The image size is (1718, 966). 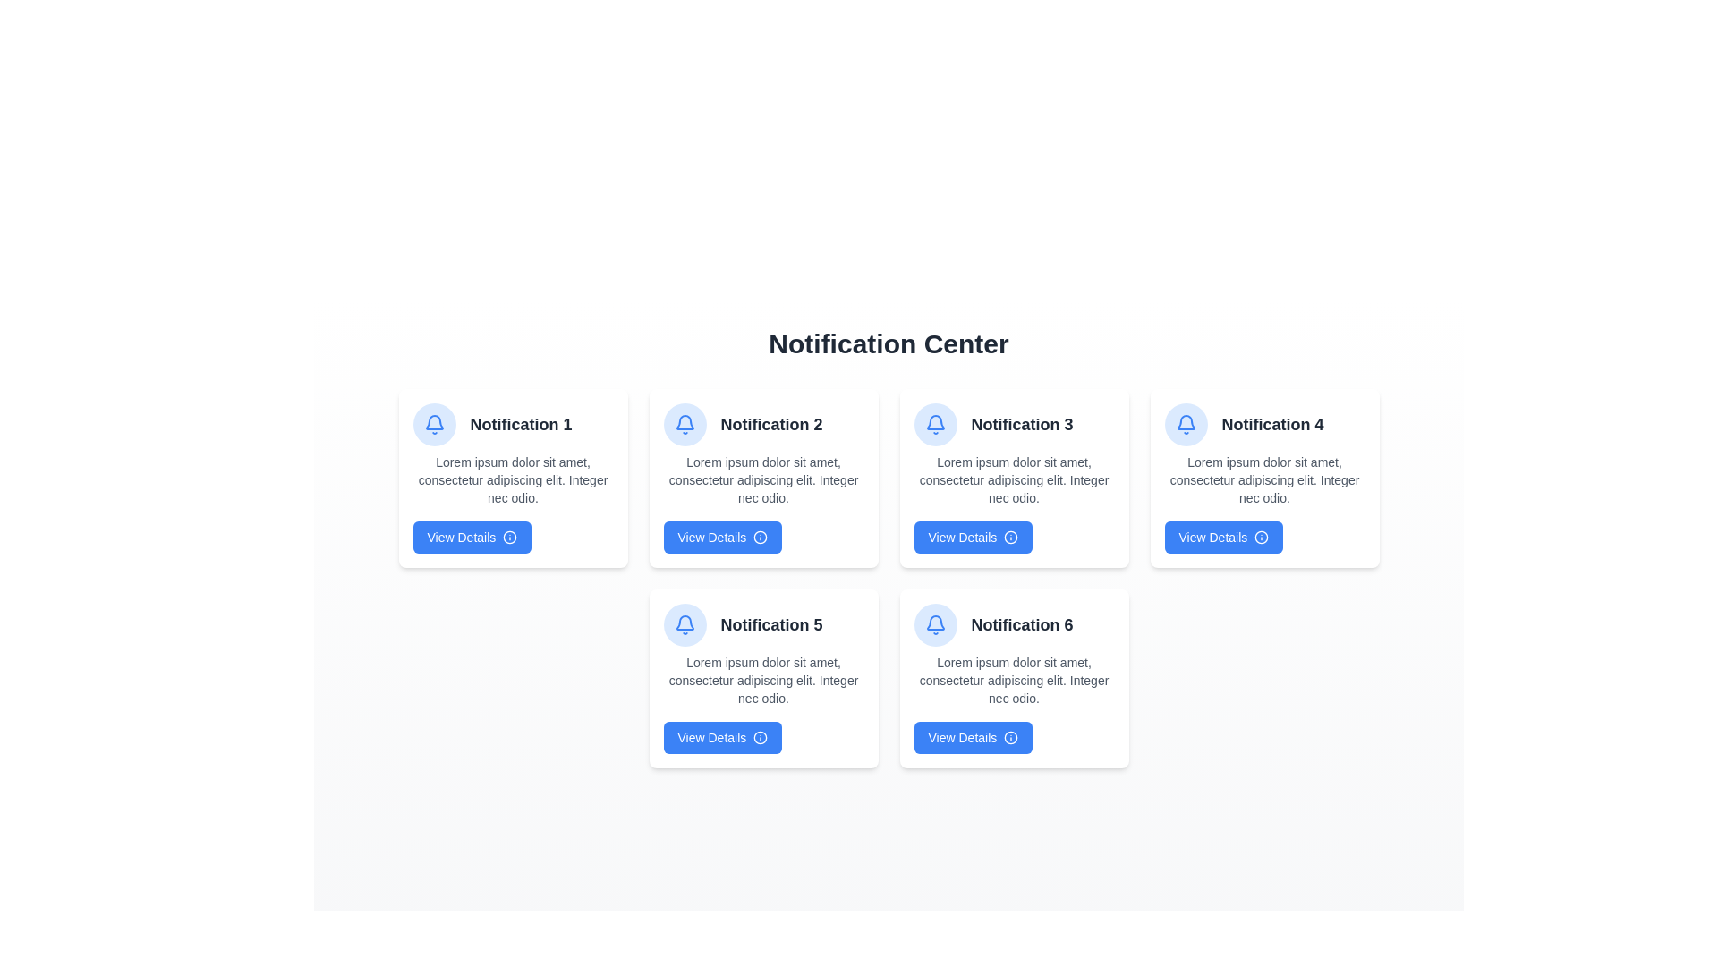 What do you see at coordinates (512, 479) in the screenshot?
I see `the text block element that displays 'Lorem ipsum dolor sit amet, consectetur adipiscing elit. Integer nec odio.' under the title 'Notification 1'` at bounding box center [512, 479].